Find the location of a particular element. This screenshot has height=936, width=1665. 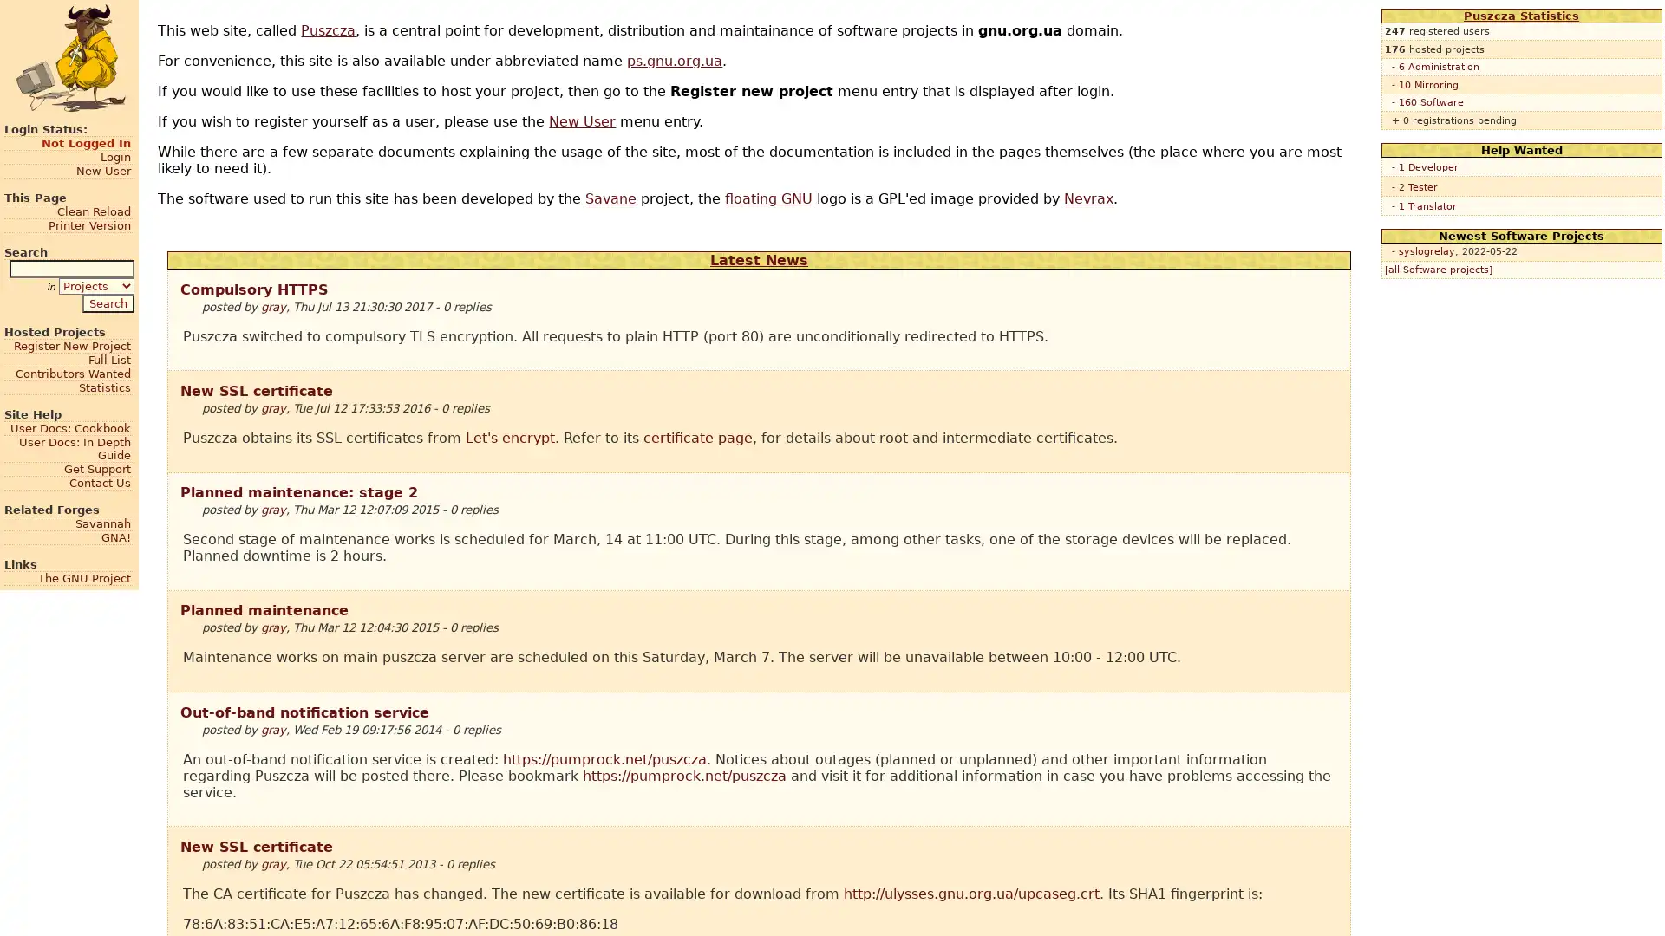

Search is located at coordinates (107, 302).